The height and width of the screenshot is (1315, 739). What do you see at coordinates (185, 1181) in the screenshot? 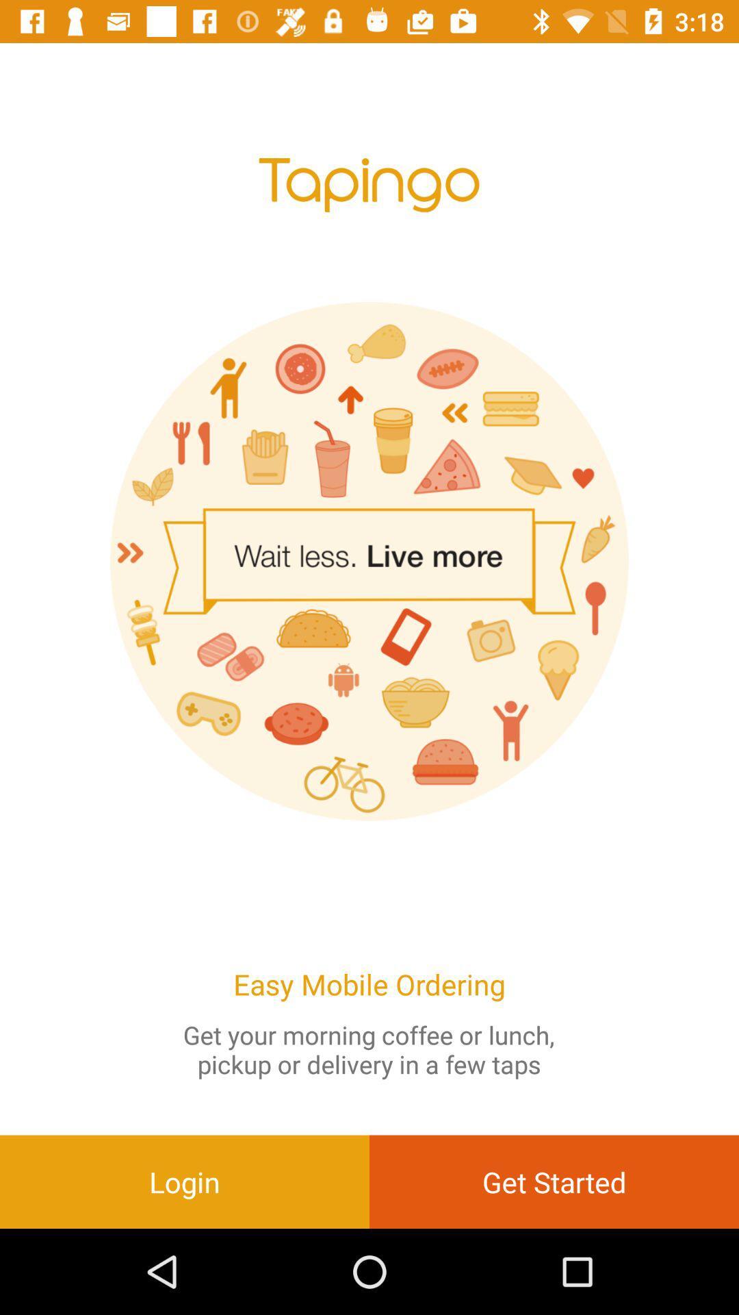
I see `icon next to get started item` at bounding box center [185, 1181].